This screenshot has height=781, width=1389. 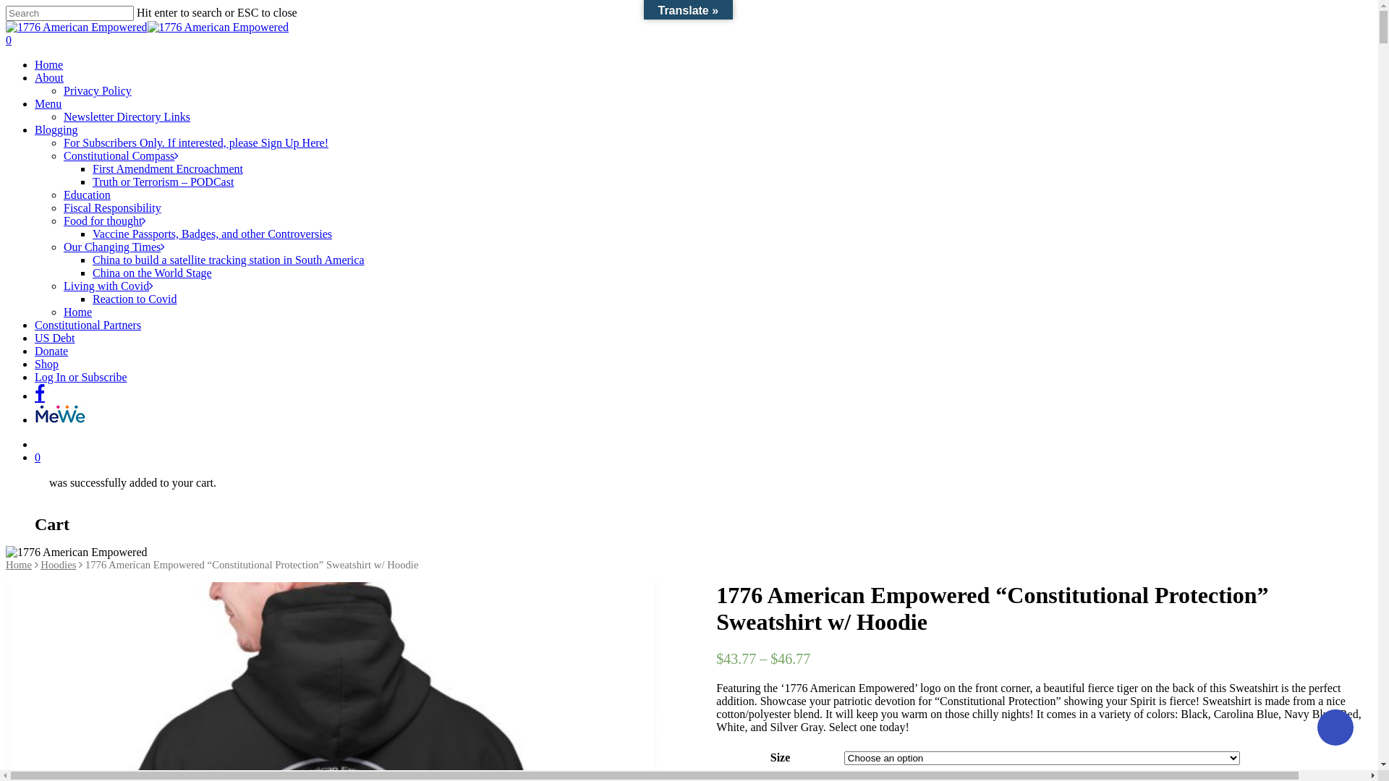 What do you see at coordinates (51, 351) in the screenshot?
I see `'Donate'` at bounding box center [51, 351].